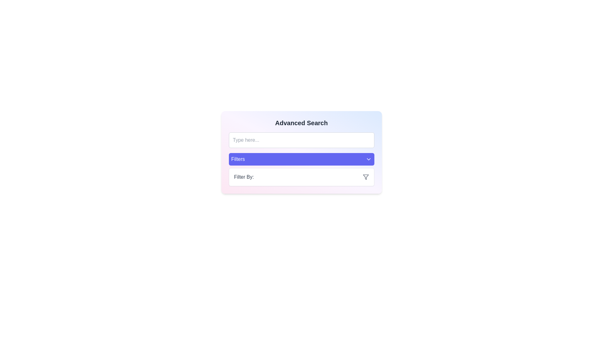 This screenshot has width=602, height=338. Describe the element at coordinates (366, 177) in the screenshot. I see `the funnel-shaped graphic icon located in the bottom-right area of the 'Advanced Search' card, within the 'Filter By' section` at that location.